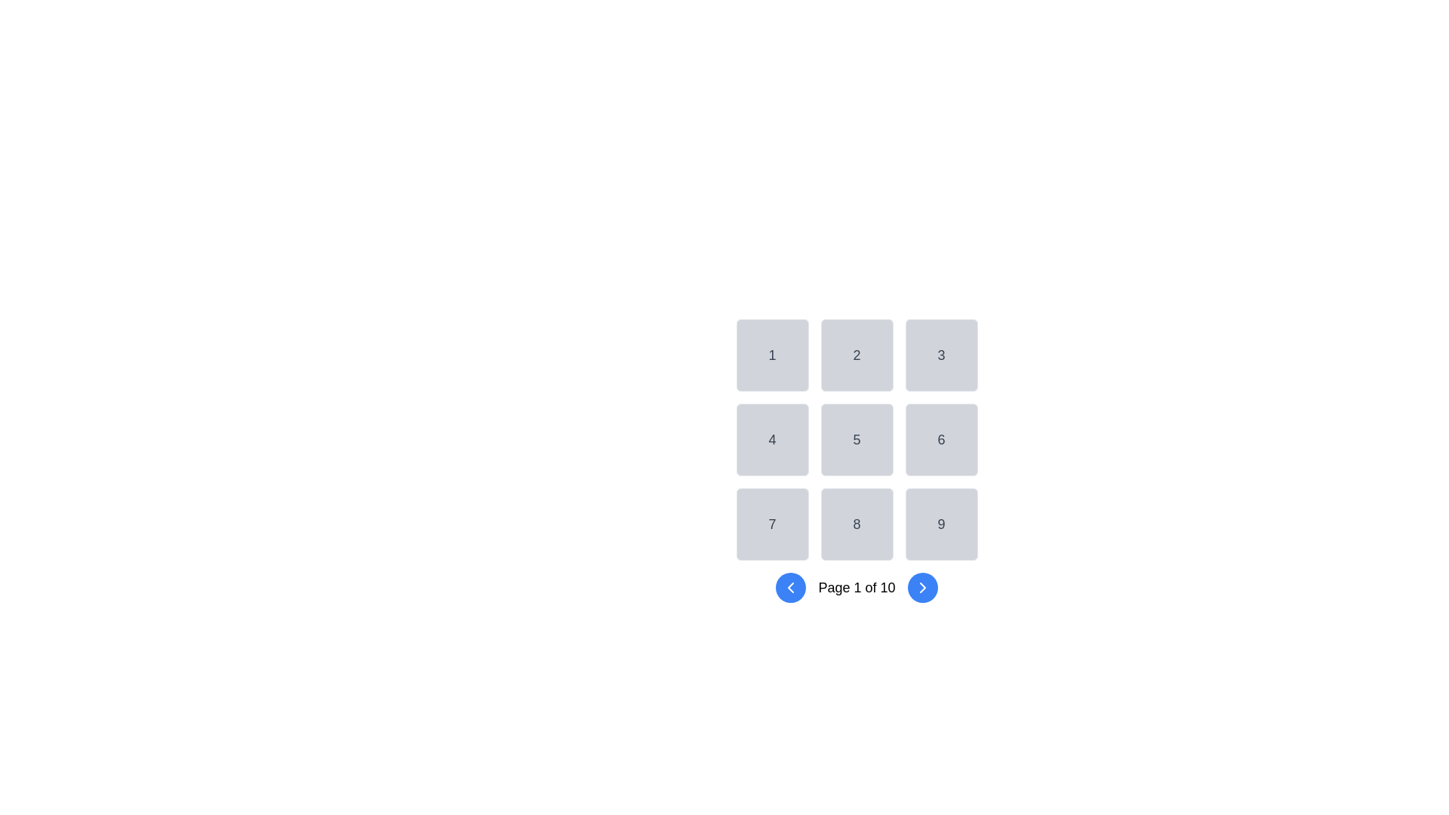  I want to click on the interactive navigational arrow icon component, which is a left-pointing arrow inside a blue circular button located at the bottom left of the pagination section, so click(790, 587).